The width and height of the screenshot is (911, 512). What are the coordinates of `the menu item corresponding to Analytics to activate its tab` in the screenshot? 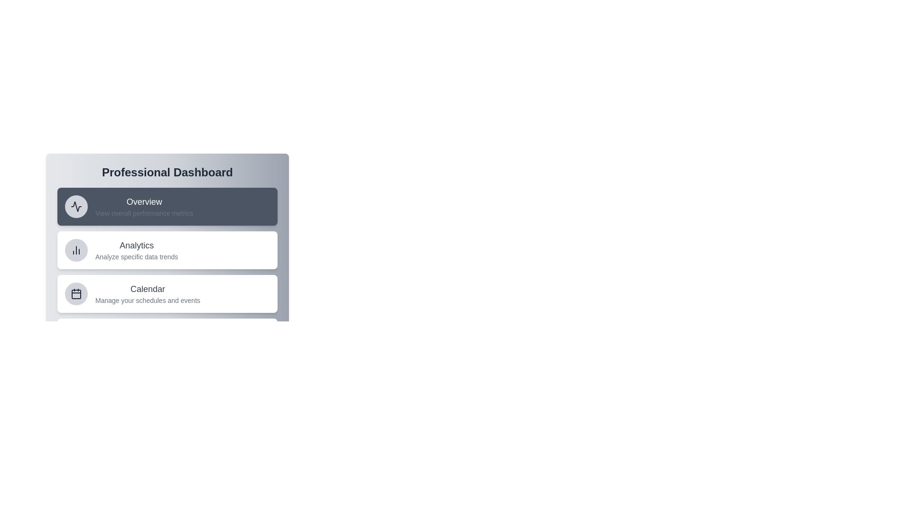 It's located at (167, 250).